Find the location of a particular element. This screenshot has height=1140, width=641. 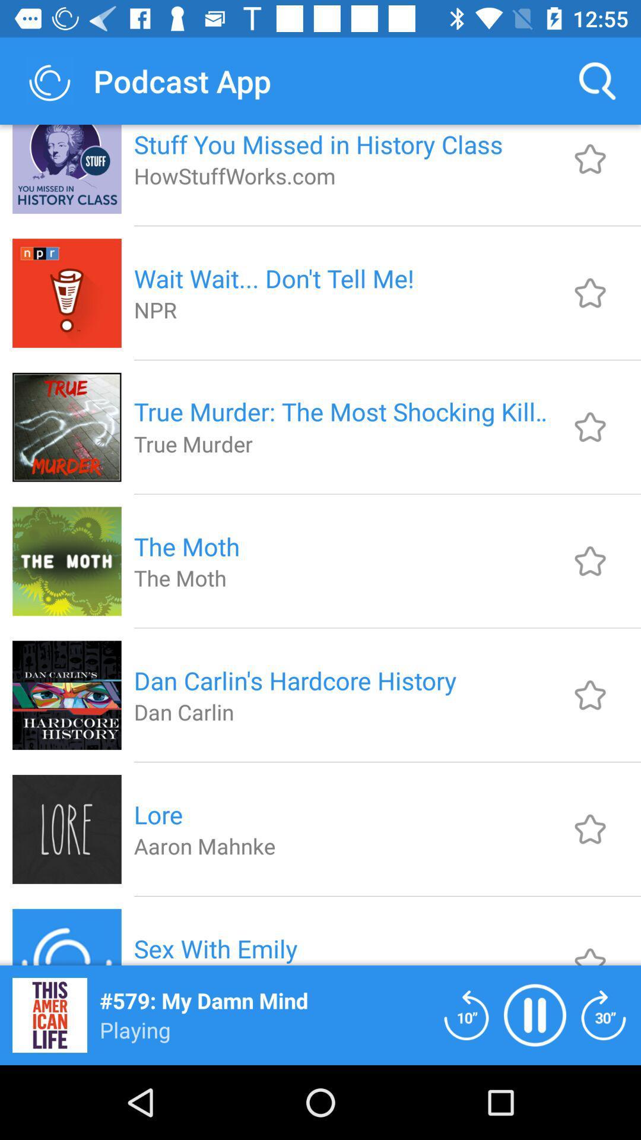

favorite is located at coordinates (590, 560).